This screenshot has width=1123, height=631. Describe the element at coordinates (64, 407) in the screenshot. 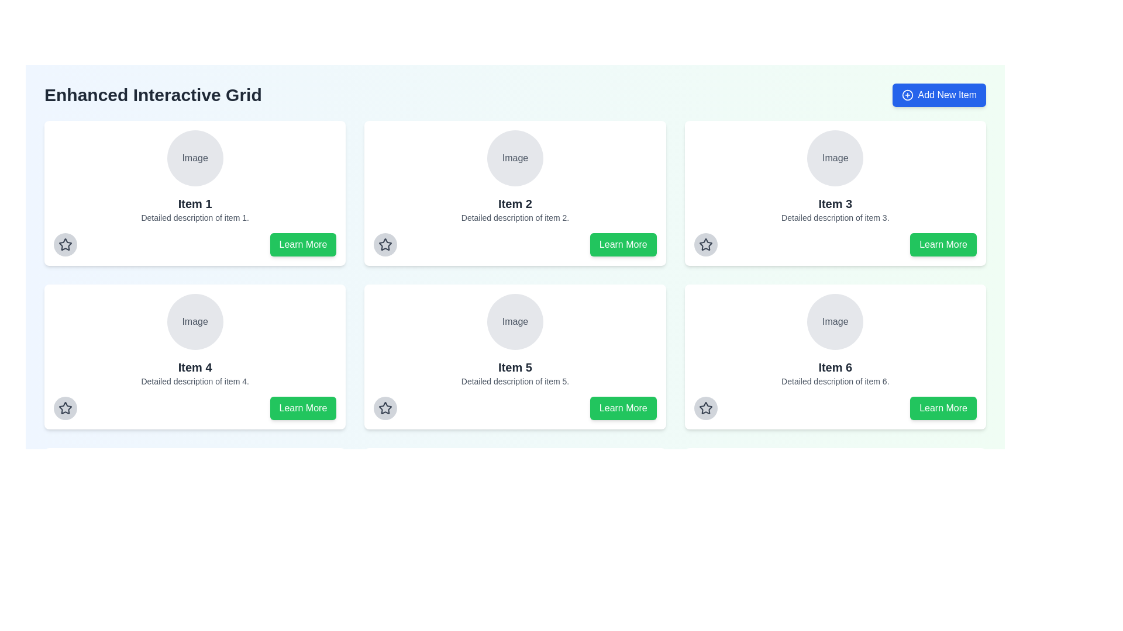

I see `the star-shaped icon button located in the bottom-left corner of the 'Item 4' details box` at that location.